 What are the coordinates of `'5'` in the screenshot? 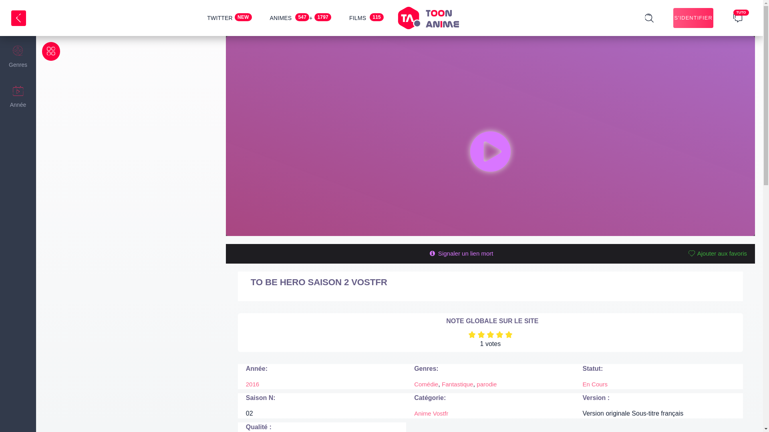 It's located at (508, 334).